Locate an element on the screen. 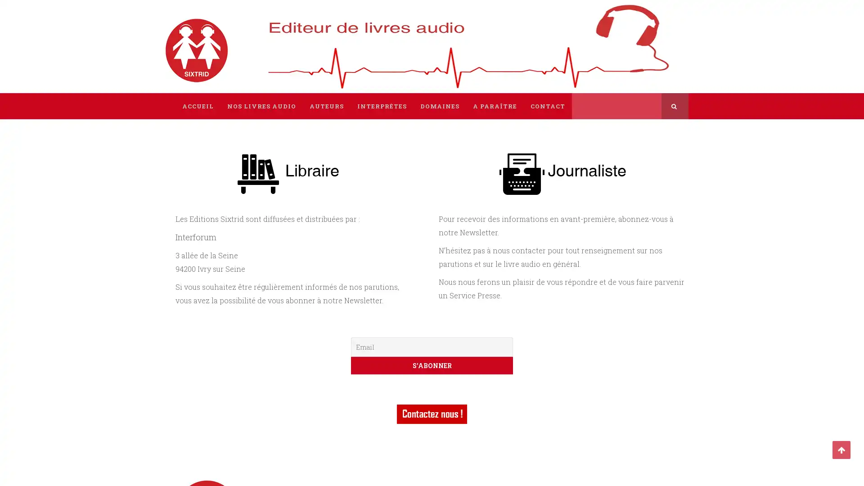 This screenshot has width=864, height=486. S'abonner is located at coordinates (432, 365).